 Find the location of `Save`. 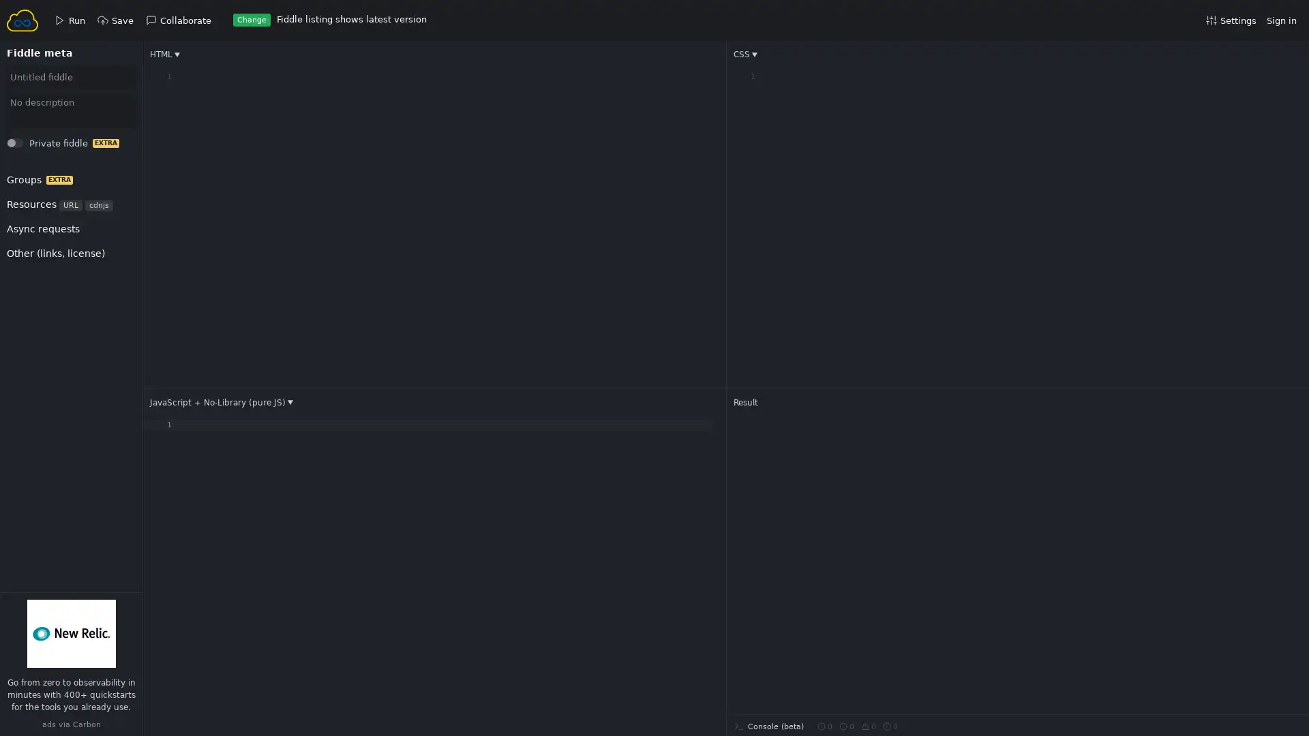

Save is located at coordinates (29, 147).